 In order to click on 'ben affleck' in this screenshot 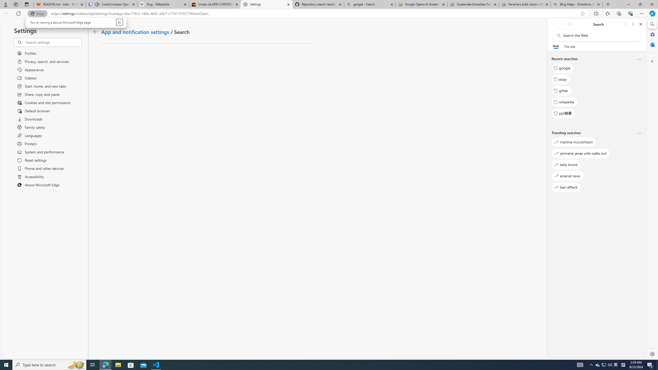, I will do `click(568, 175)`.